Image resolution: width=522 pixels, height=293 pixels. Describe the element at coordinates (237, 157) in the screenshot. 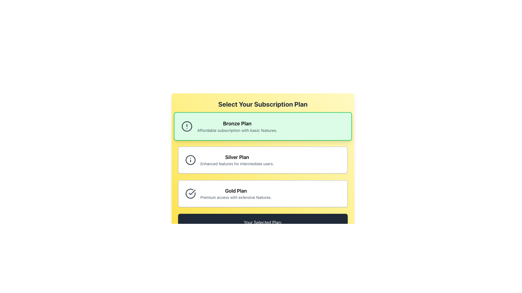

I see `the bold text label 'Silver Plan'` at that location.